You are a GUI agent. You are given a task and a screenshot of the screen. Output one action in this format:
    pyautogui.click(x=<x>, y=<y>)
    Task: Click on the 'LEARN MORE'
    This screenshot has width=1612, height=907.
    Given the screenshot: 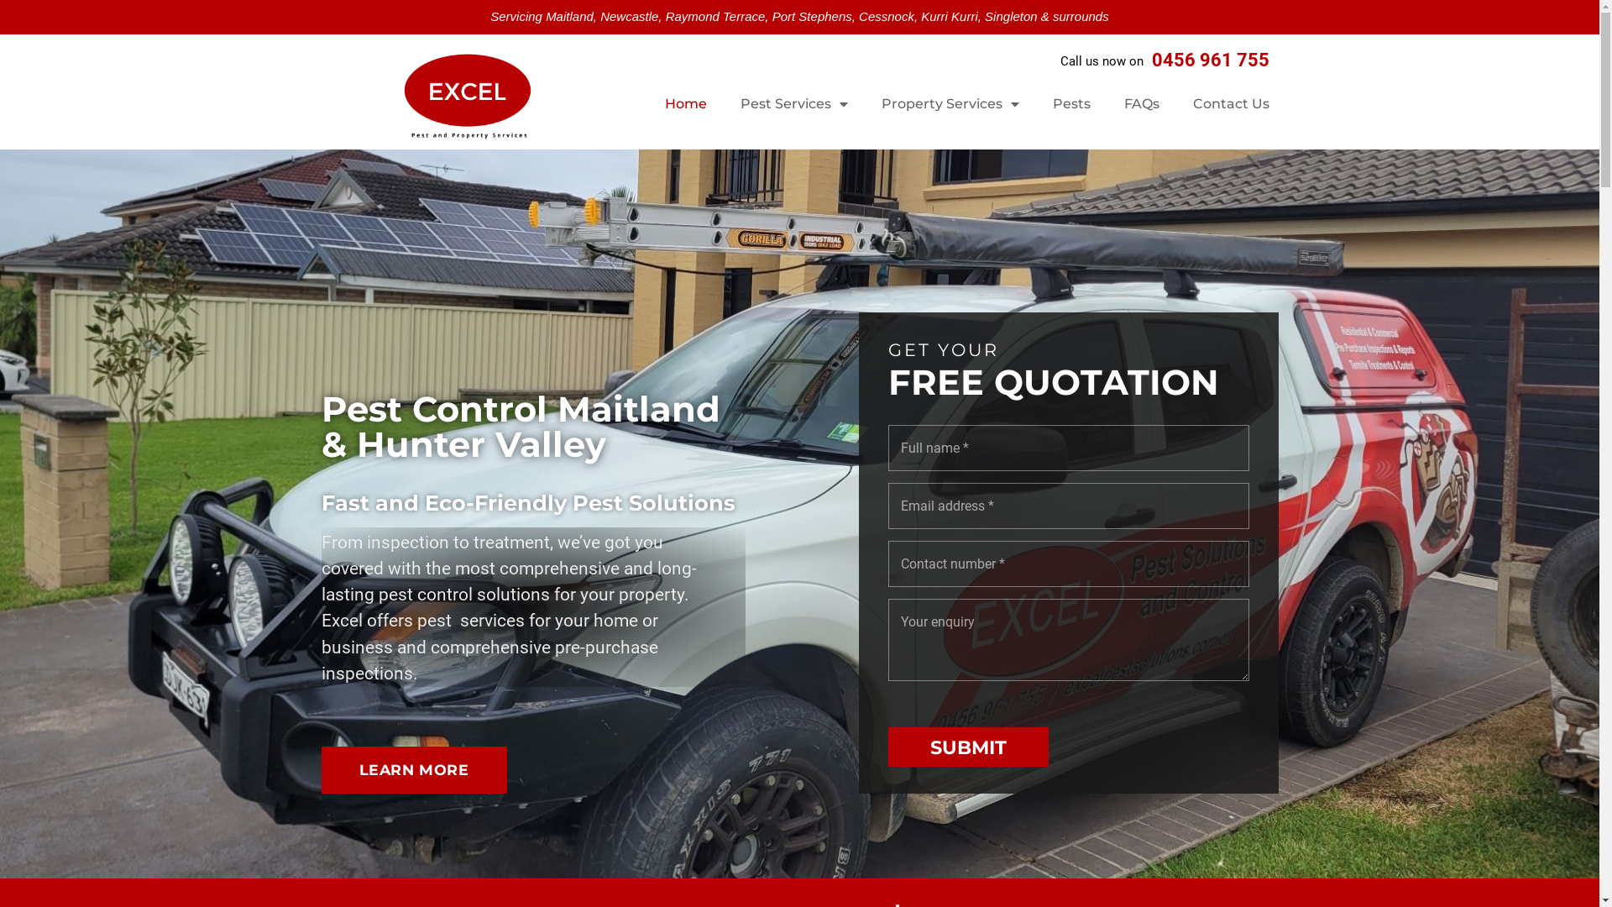 What is the action you would take?
    pyautogui.click(x=413, y=770)
    